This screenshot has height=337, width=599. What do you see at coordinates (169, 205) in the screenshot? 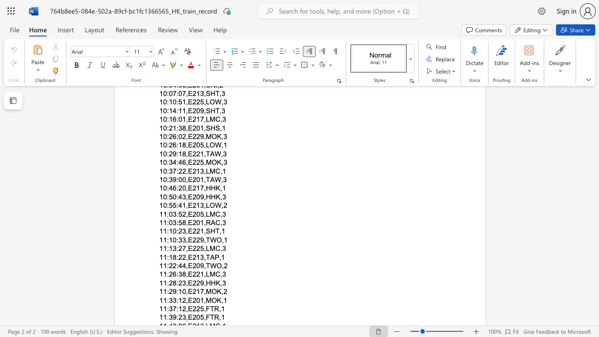
I see `the space between the continuous character ":" and "5" in the text` at bounding box center [169, 205].